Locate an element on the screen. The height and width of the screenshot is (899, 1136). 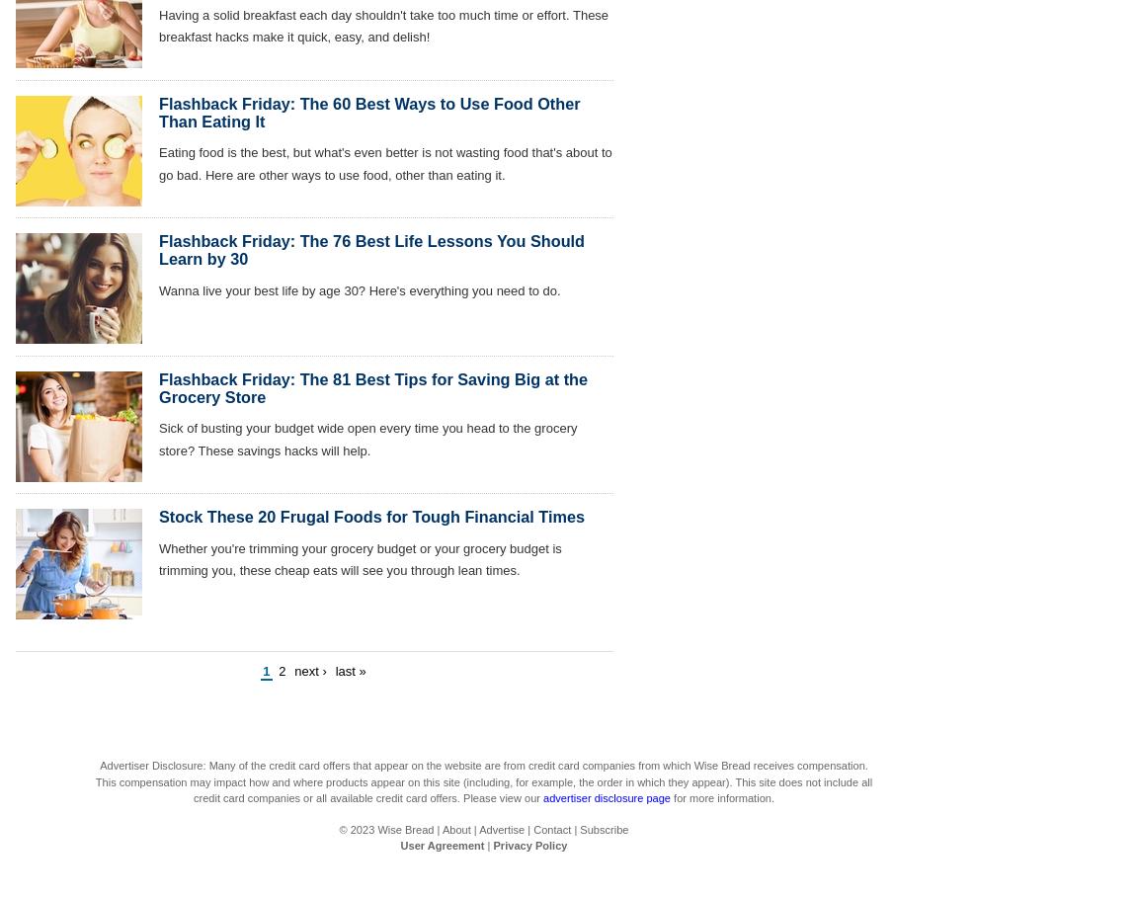
'Flashback Friday: The 60 Best Ways to Use Food Other Than Eating It' is located at coordinates (158, 112).